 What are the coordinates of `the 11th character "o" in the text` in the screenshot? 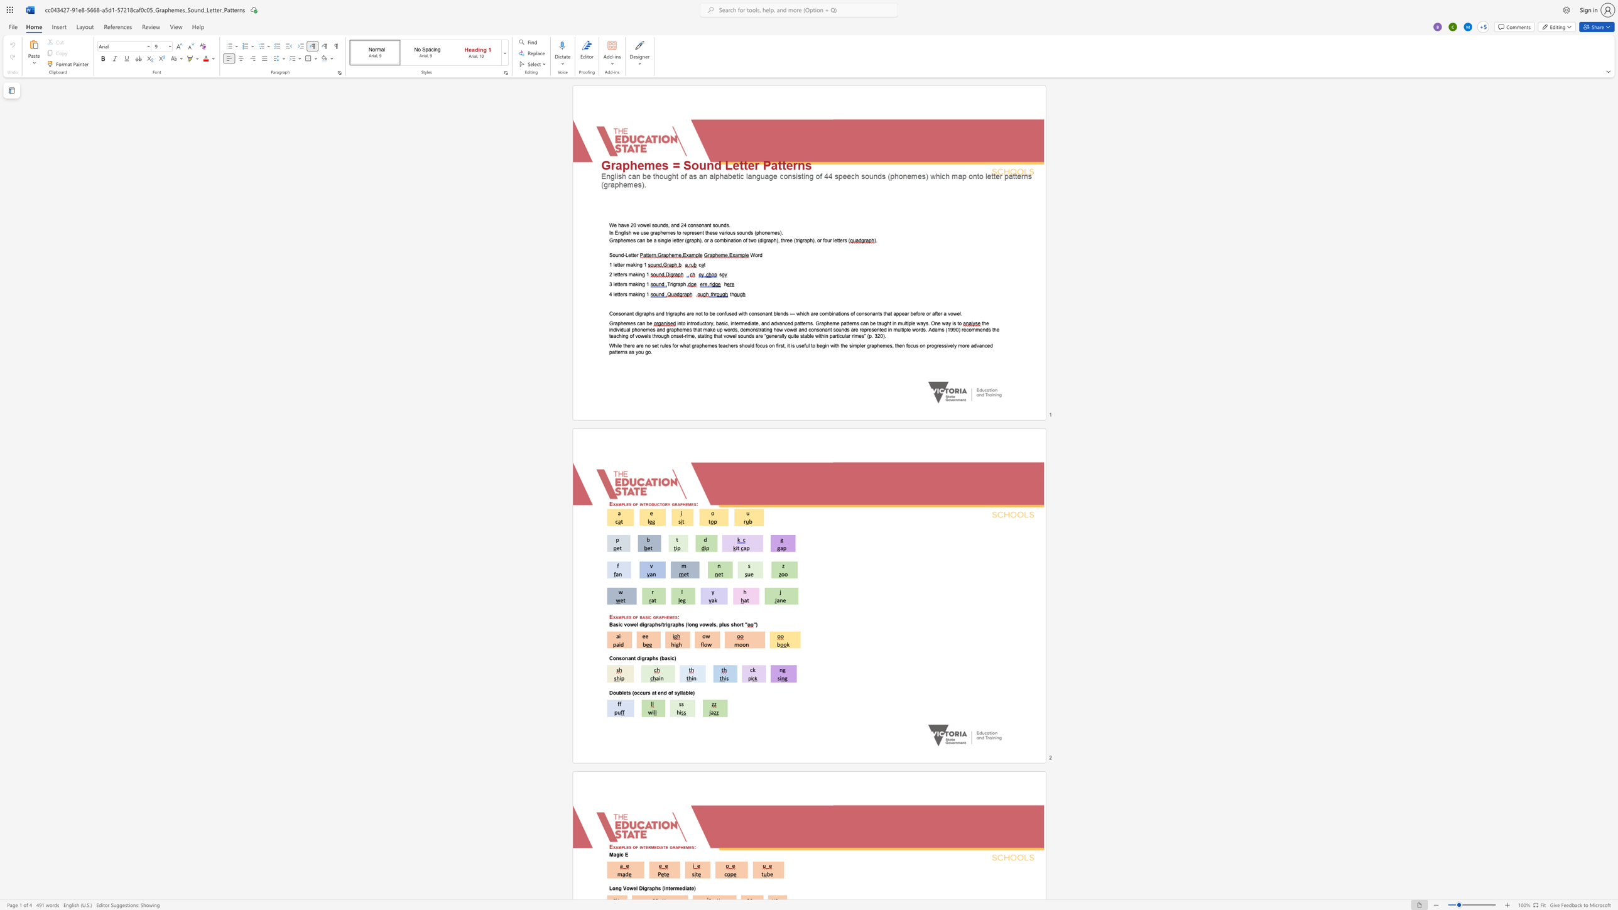 It's located at (859, 313).